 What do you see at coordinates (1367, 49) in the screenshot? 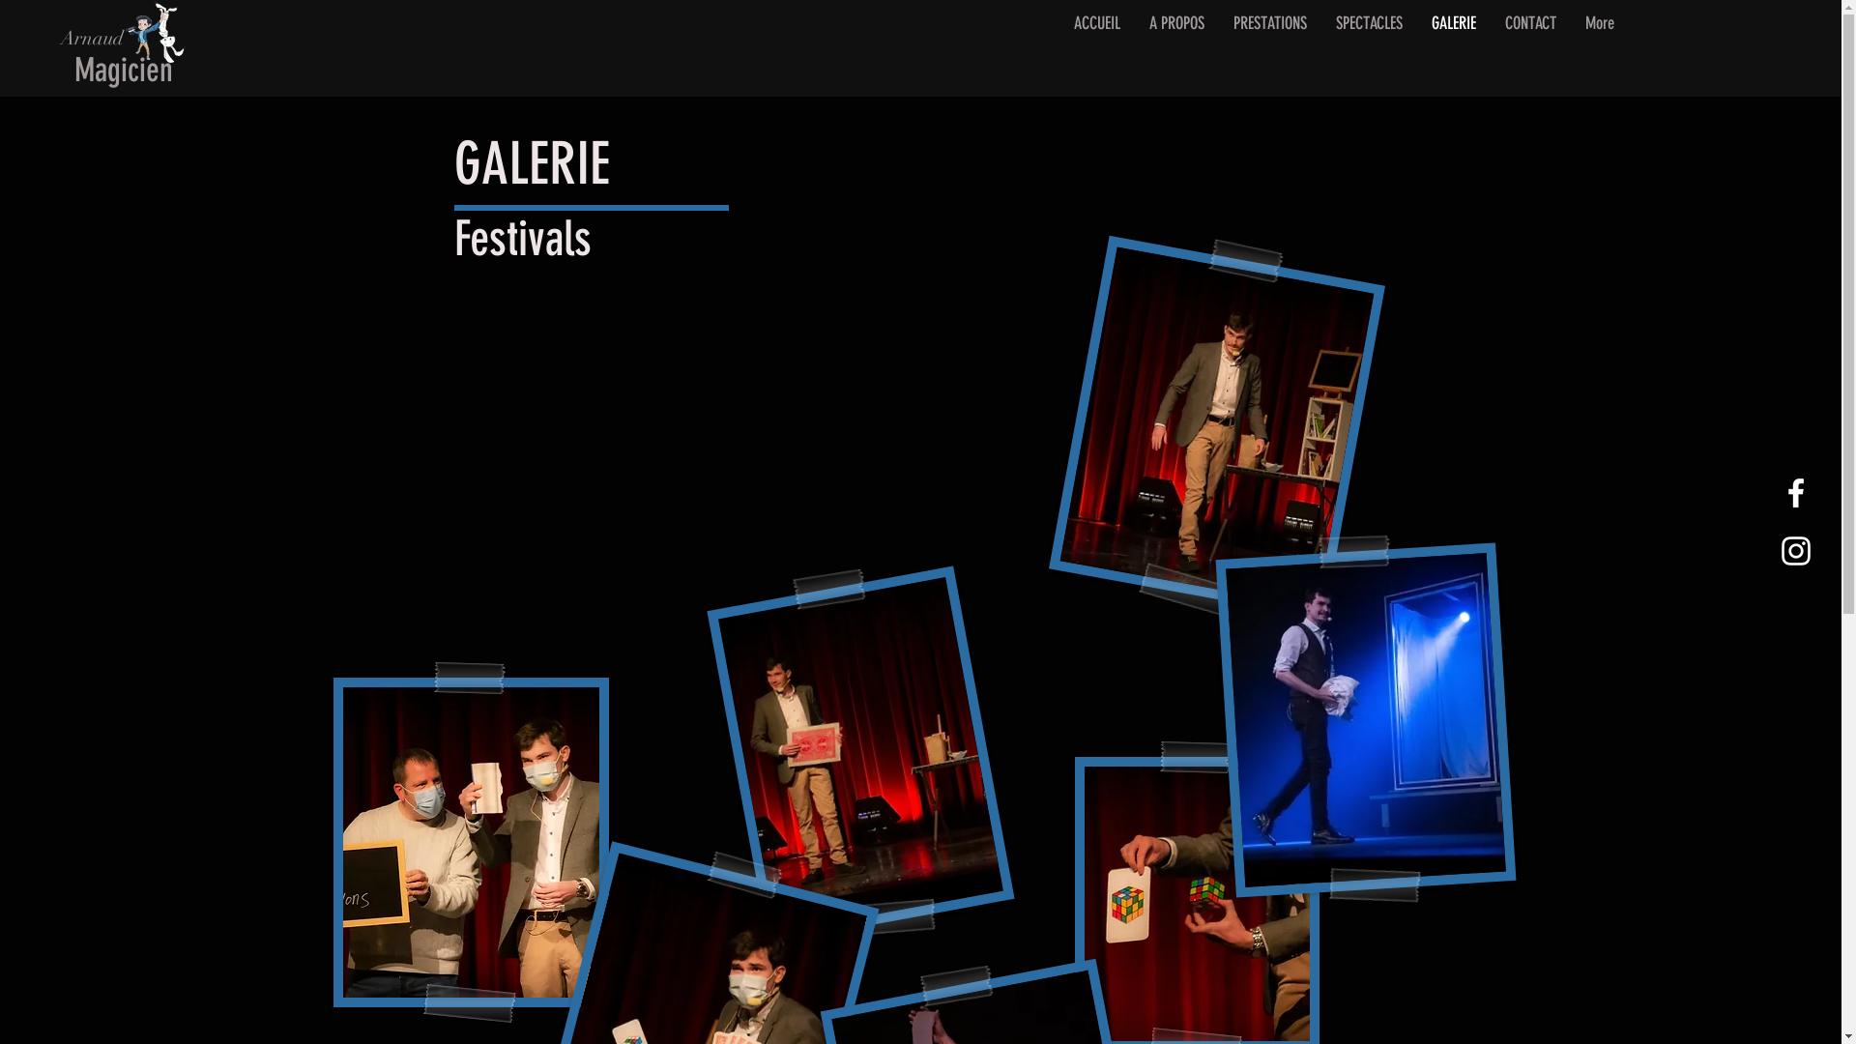
I see `'SPECTACLES'` at bounding box center [1367, 49].